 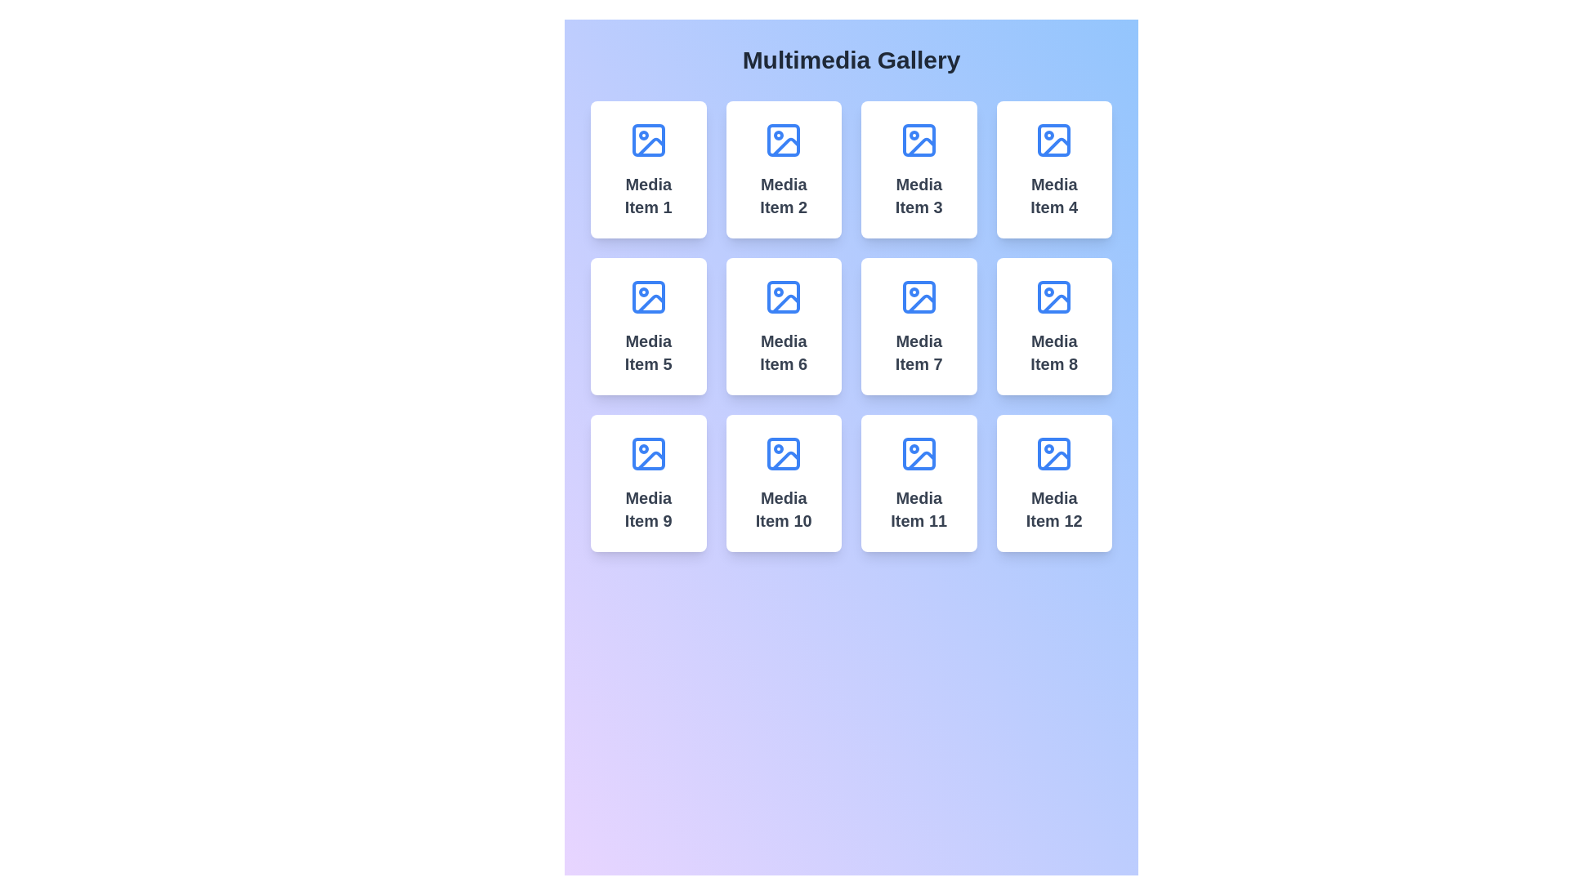 I want to click on the third card labeled 'Media Item 3' with a blue icon at the top center to interact with it, so click(x=919, y=170).